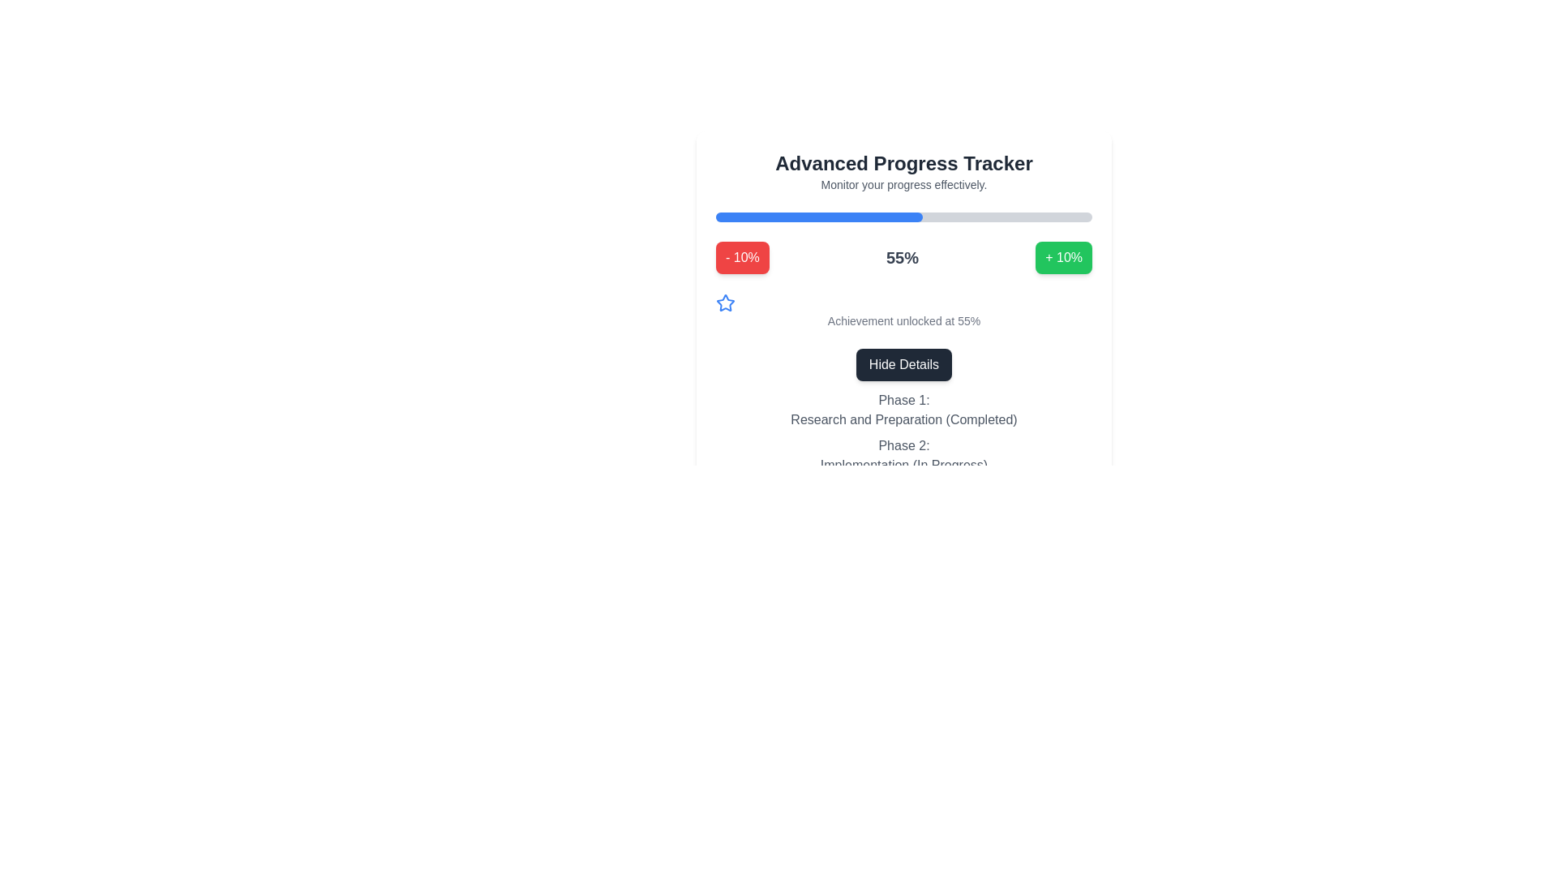  What do you see at coordinates (724, 303) in the screenshot?
I see `the leftmost icon in the 'Achievements unlocked at 55%' section, which serves as a decorative or status indicator for milestone achievements` at bounding box center [724, 303].